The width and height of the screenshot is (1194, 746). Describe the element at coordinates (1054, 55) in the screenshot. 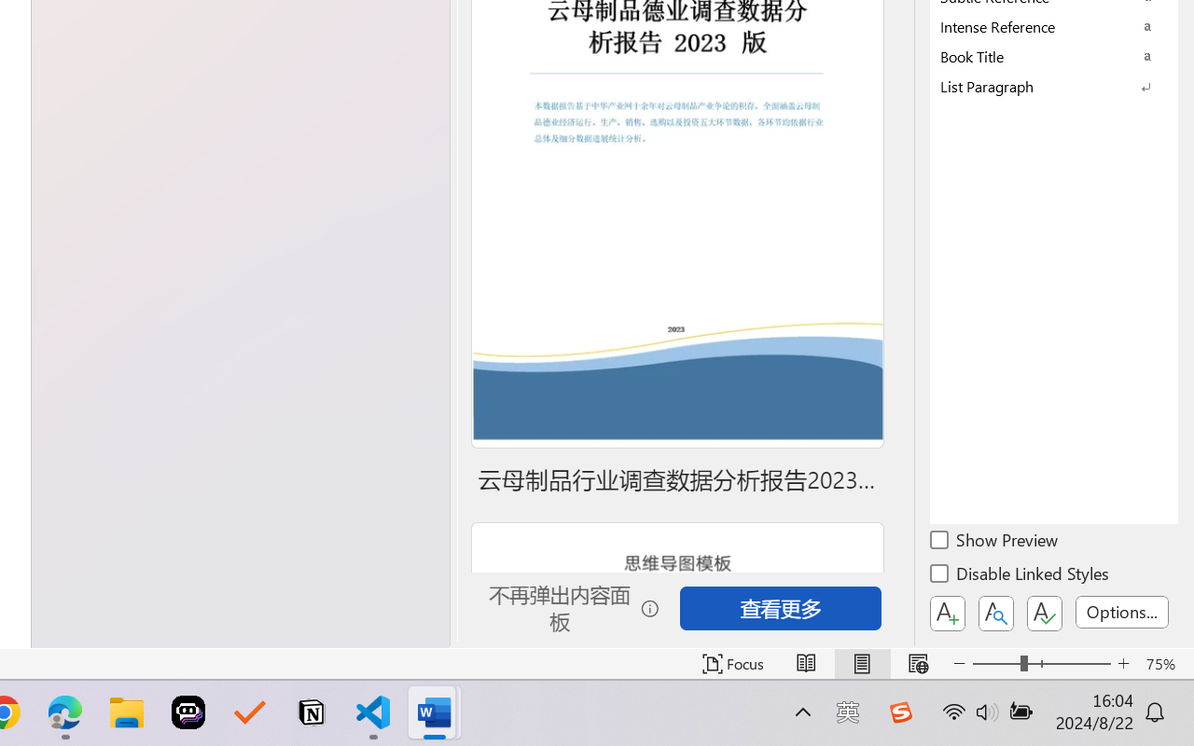

I see `'Book Title'` at that location.